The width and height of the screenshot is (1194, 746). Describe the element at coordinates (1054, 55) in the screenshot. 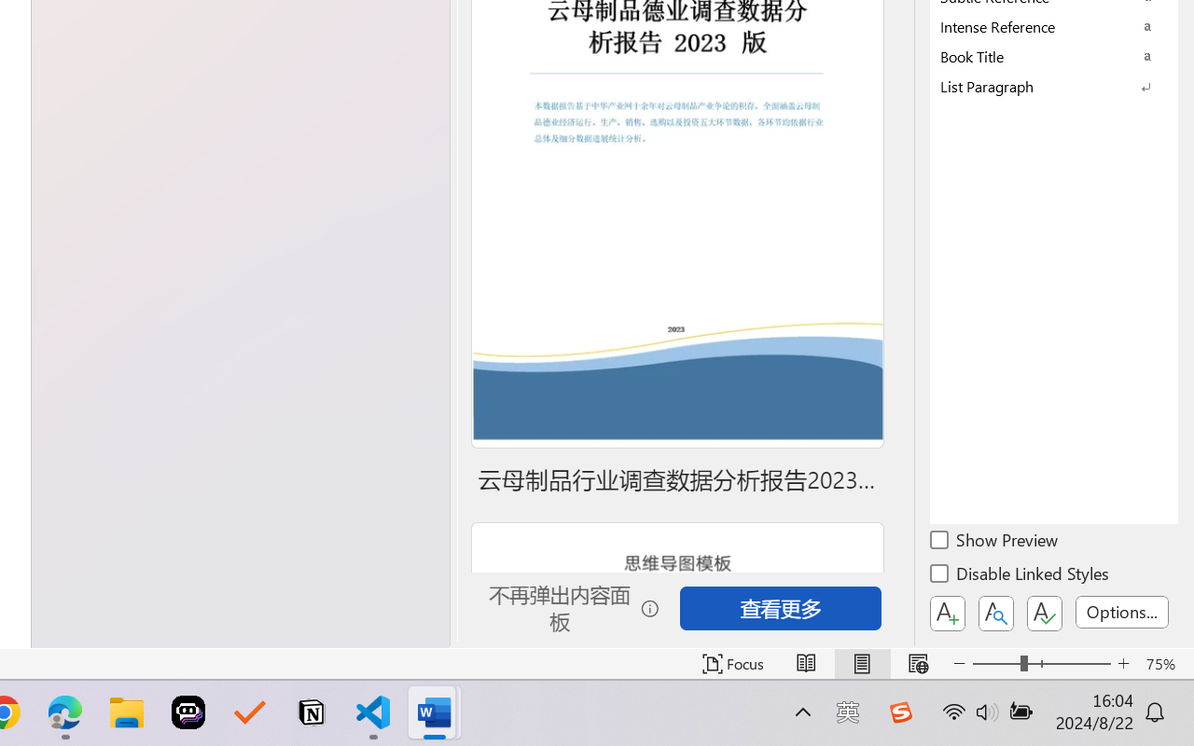

I see `'Book Title'` at that location.